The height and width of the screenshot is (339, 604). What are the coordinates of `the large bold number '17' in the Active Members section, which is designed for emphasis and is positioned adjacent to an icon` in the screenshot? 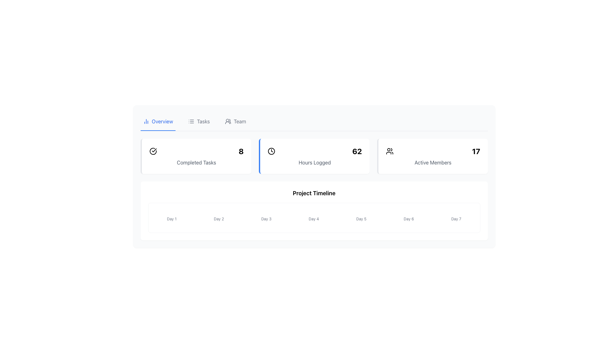 It's located at (476, 151).